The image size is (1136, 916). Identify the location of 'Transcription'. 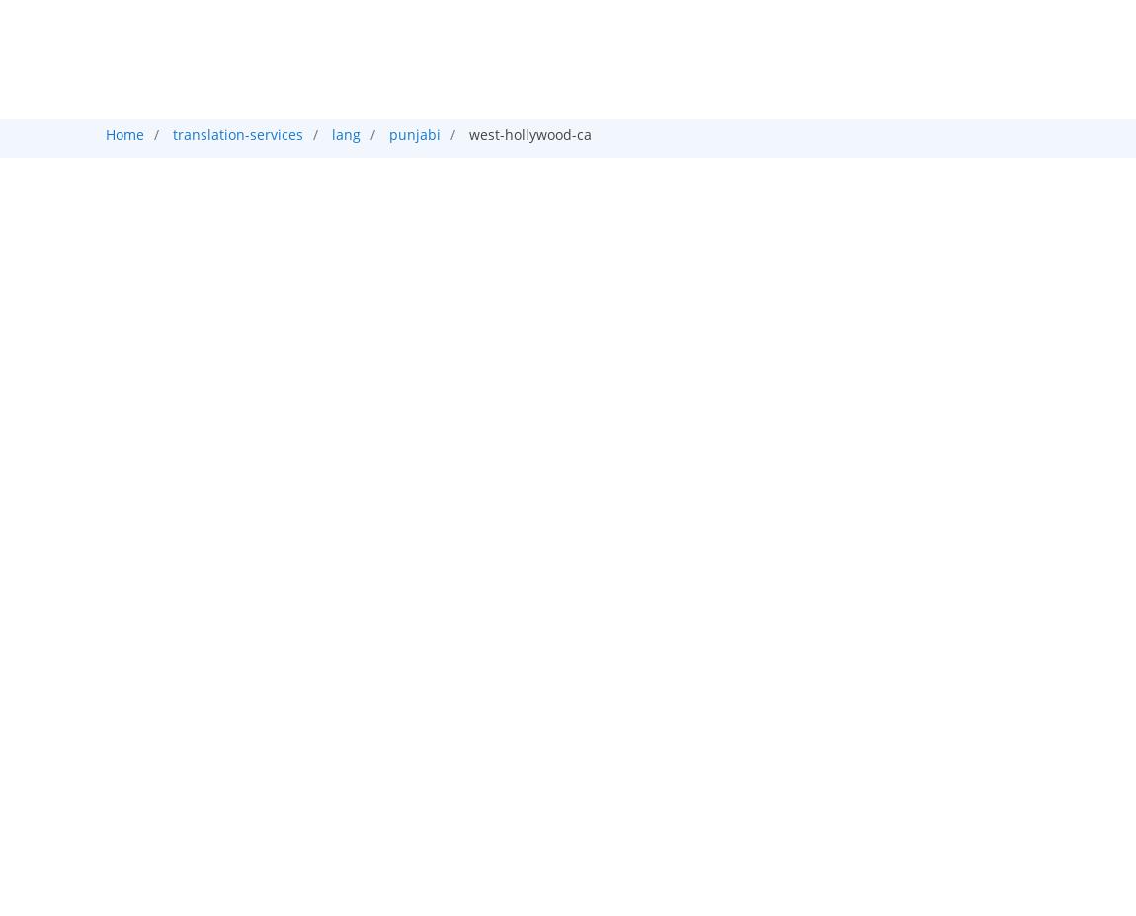
(646, 123).